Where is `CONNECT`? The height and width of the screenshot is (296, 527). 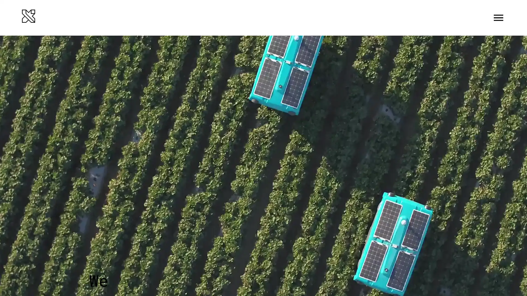
CONNECT is located at coordinates (326, 73).